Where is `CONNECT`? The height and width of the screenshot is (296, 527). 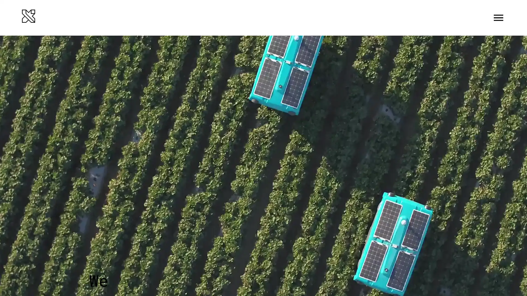
CONNECT is located at coordinates (326, 73).